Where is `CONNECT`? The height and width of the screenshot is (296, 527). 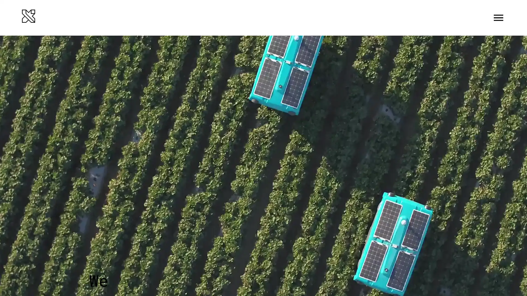
CONNECT is located at coordinates (326, 73).